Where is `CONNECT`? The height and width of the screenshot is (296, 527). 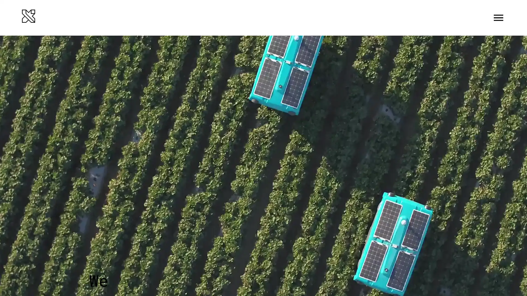
CONNECT is located at coordinates (326, 73).